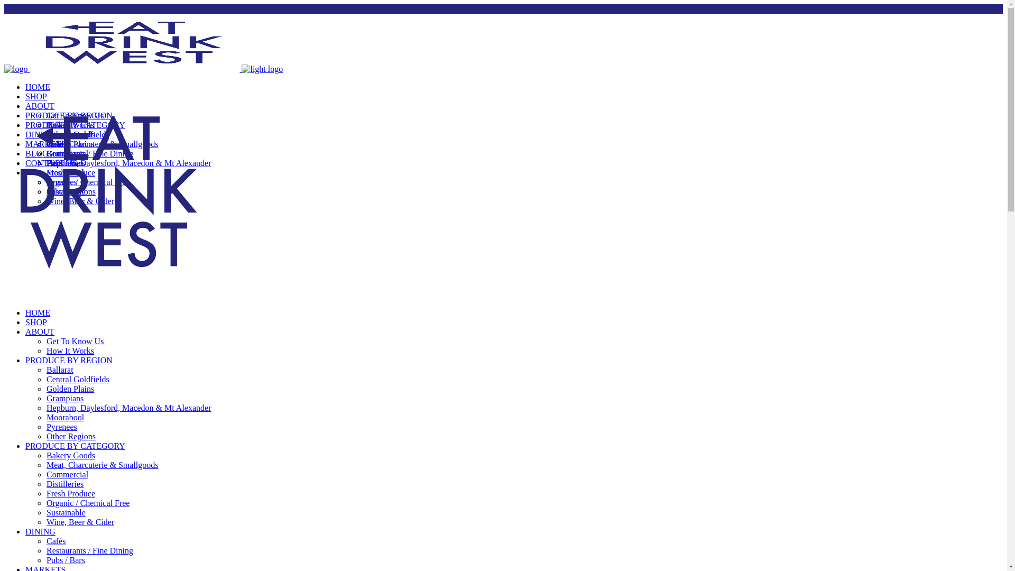 The height and width of the screenshot is (571, 1015). I want to click on 'Get To Know Us', so click(75, 341).